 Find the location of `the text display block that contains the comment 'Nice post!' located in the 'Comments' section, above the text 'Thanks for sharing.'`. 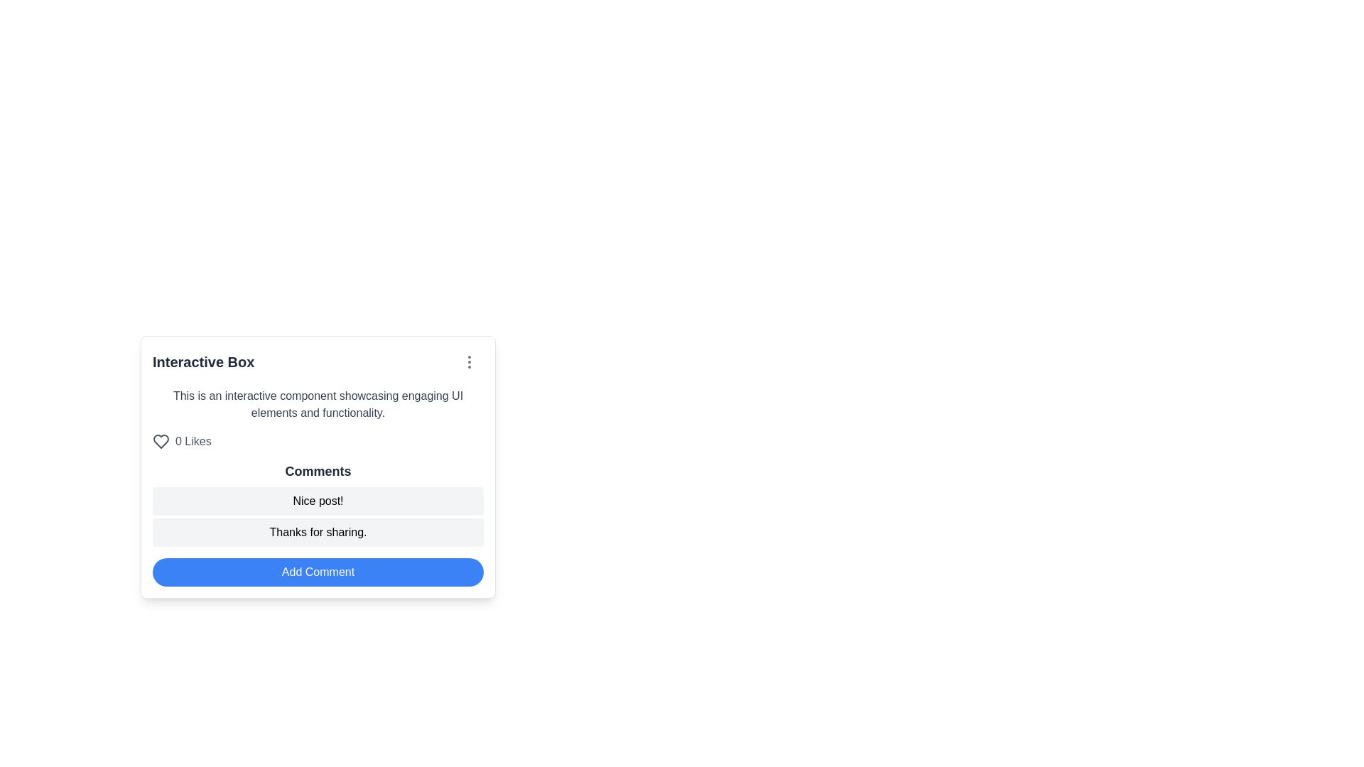

the text display block that contains the comment 'Nice post!' located in the 'Comments' section, above the text 'Thanks for sharing.' is located at coordinates (317, 500).